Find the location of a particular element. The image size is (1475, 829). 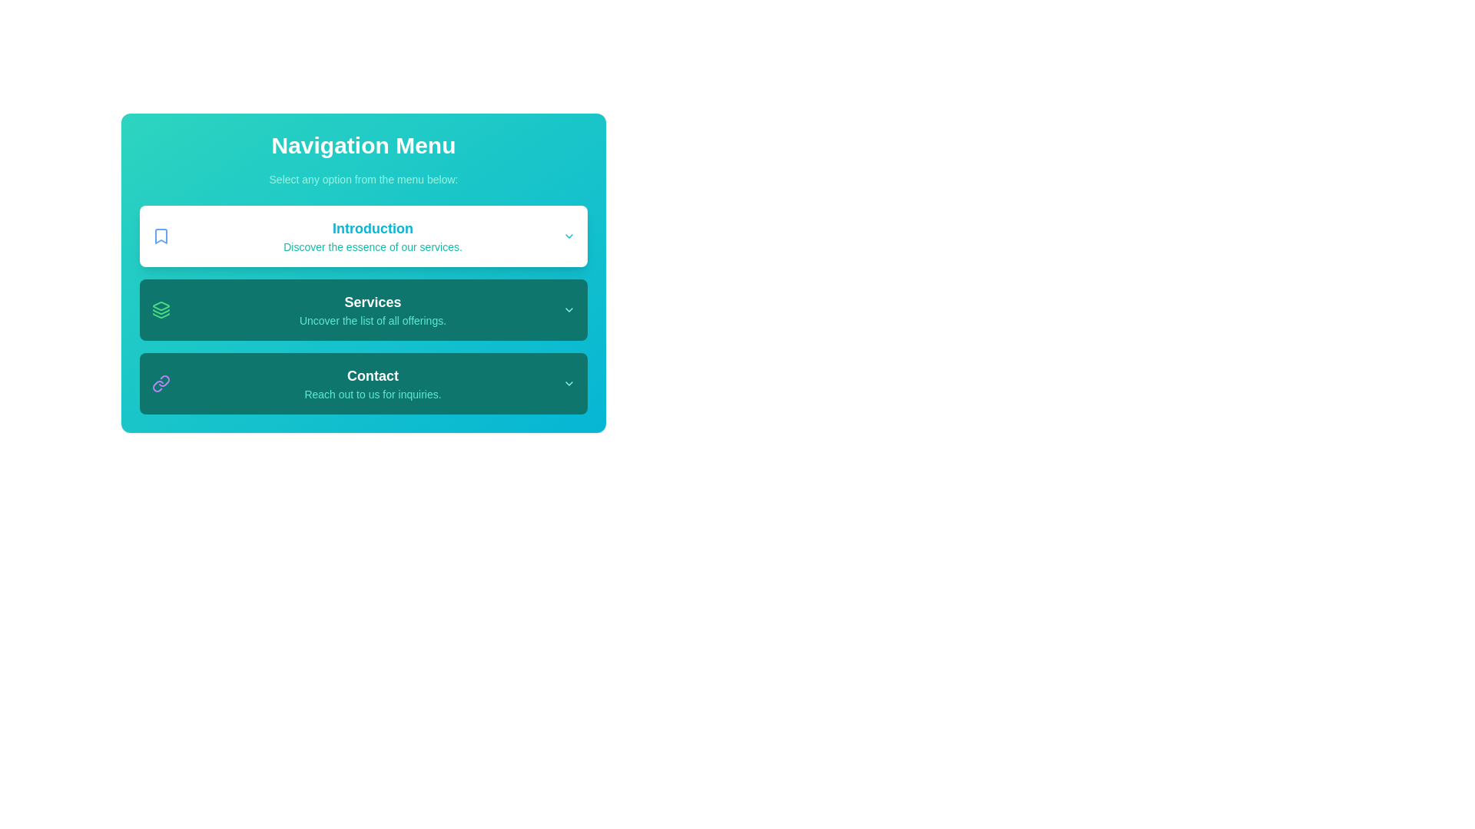

the first link is located at coordinates (373, 228).